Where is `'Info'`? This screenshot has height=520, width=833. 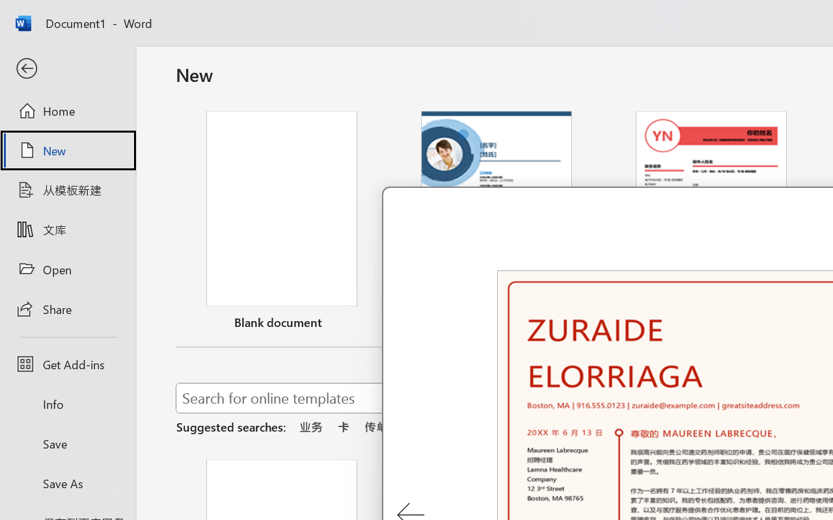 'Info' is located at coordinates (67, 404).